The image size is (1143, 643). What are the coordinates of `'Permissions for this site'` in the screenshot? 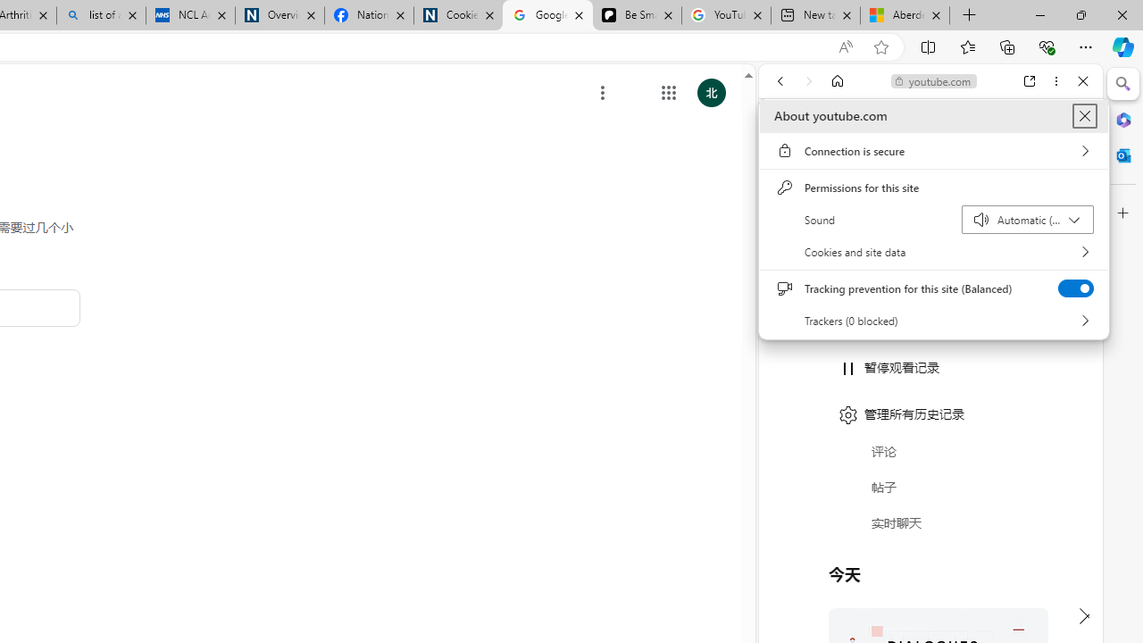 It's located at (933, 188).